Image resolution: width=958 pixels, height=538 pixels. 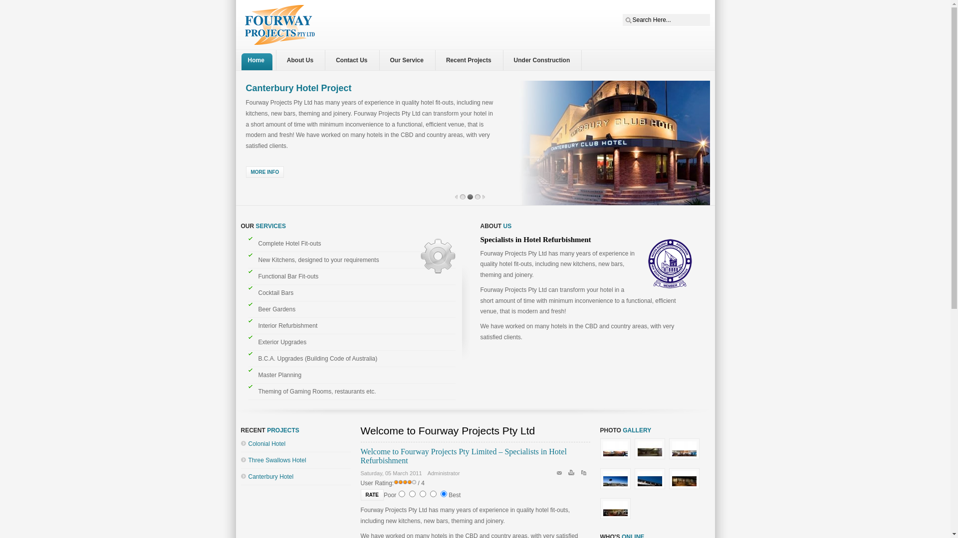 What do you see at coordinates (277, 460) in the screenshot?
I see `'Three Swallows Hotel'` at bounding box center [277, 460].